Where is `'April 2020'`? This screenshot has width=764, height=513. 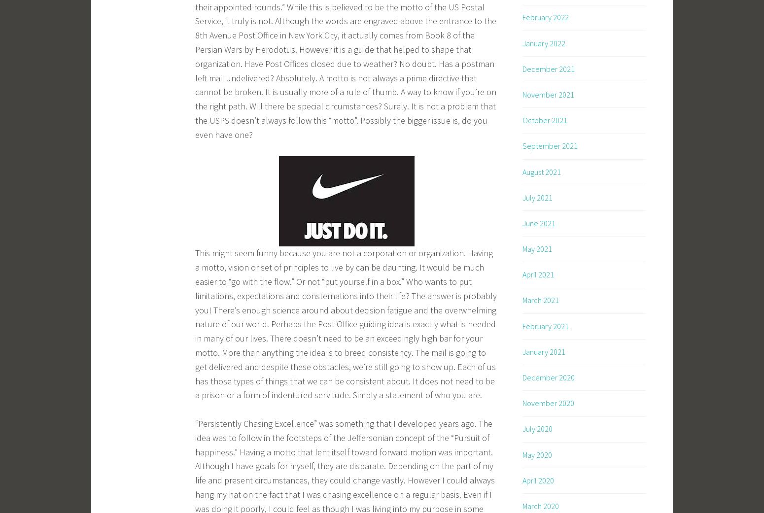
'April 2020' is located at coordinates (537, 479).